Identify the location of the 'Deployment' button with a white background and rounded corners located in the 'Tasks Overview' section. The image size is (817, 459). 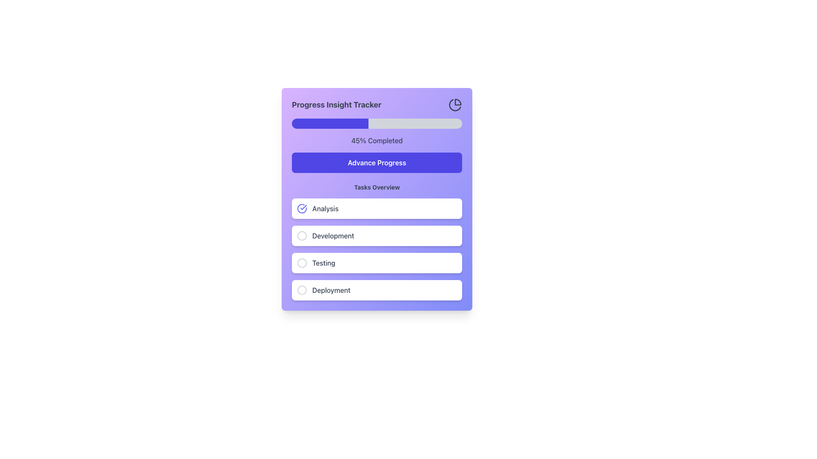
(377, 289).